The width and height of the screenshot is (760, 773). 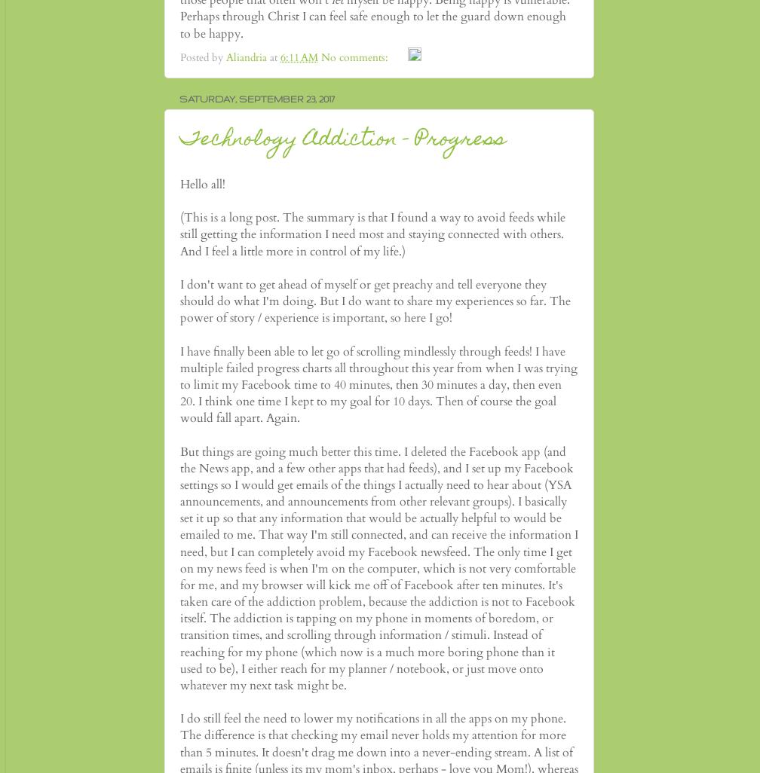 What do you see at coordinates (299, 56) in the screenshot?
I see `'6:11 AM'` at bounding box center [299, 56].